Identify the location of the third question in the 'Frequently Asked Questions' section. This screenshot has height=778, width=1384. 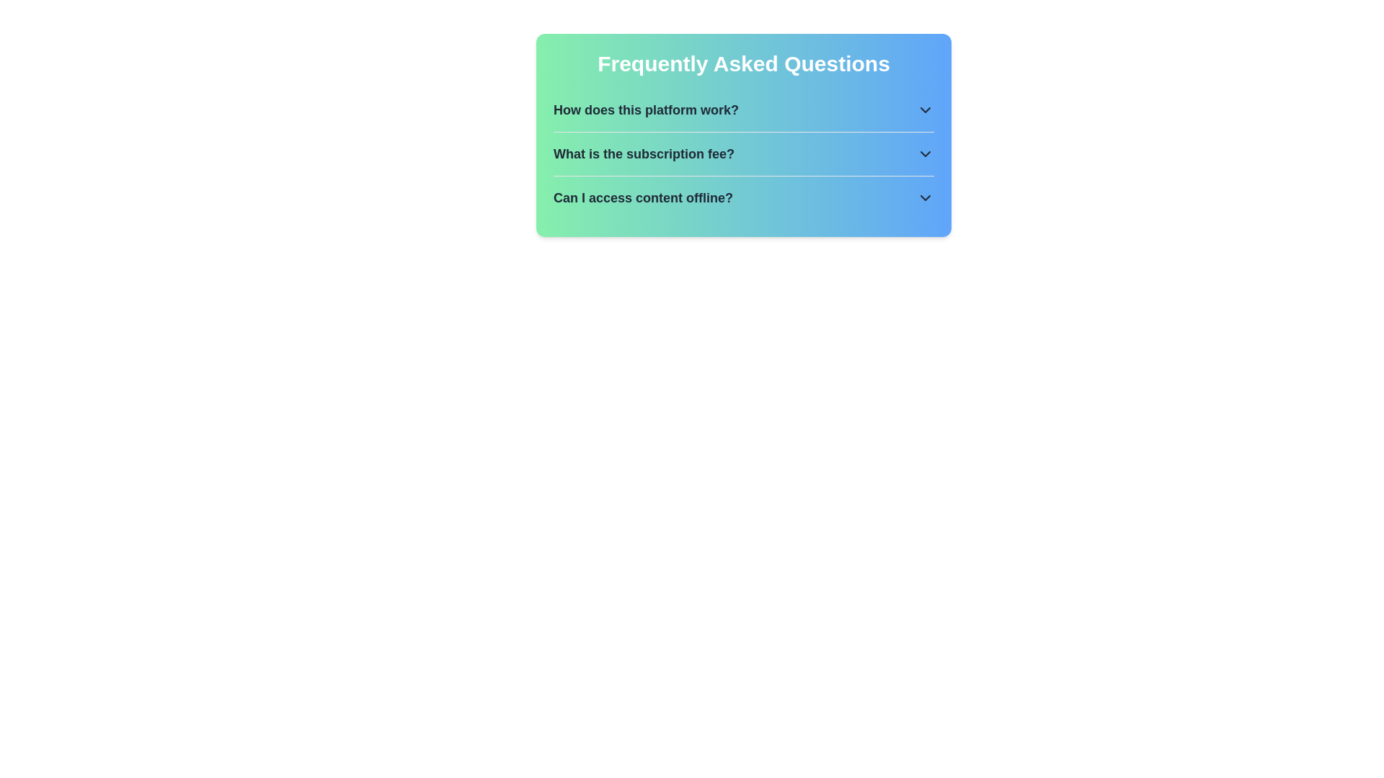
(642, 197).